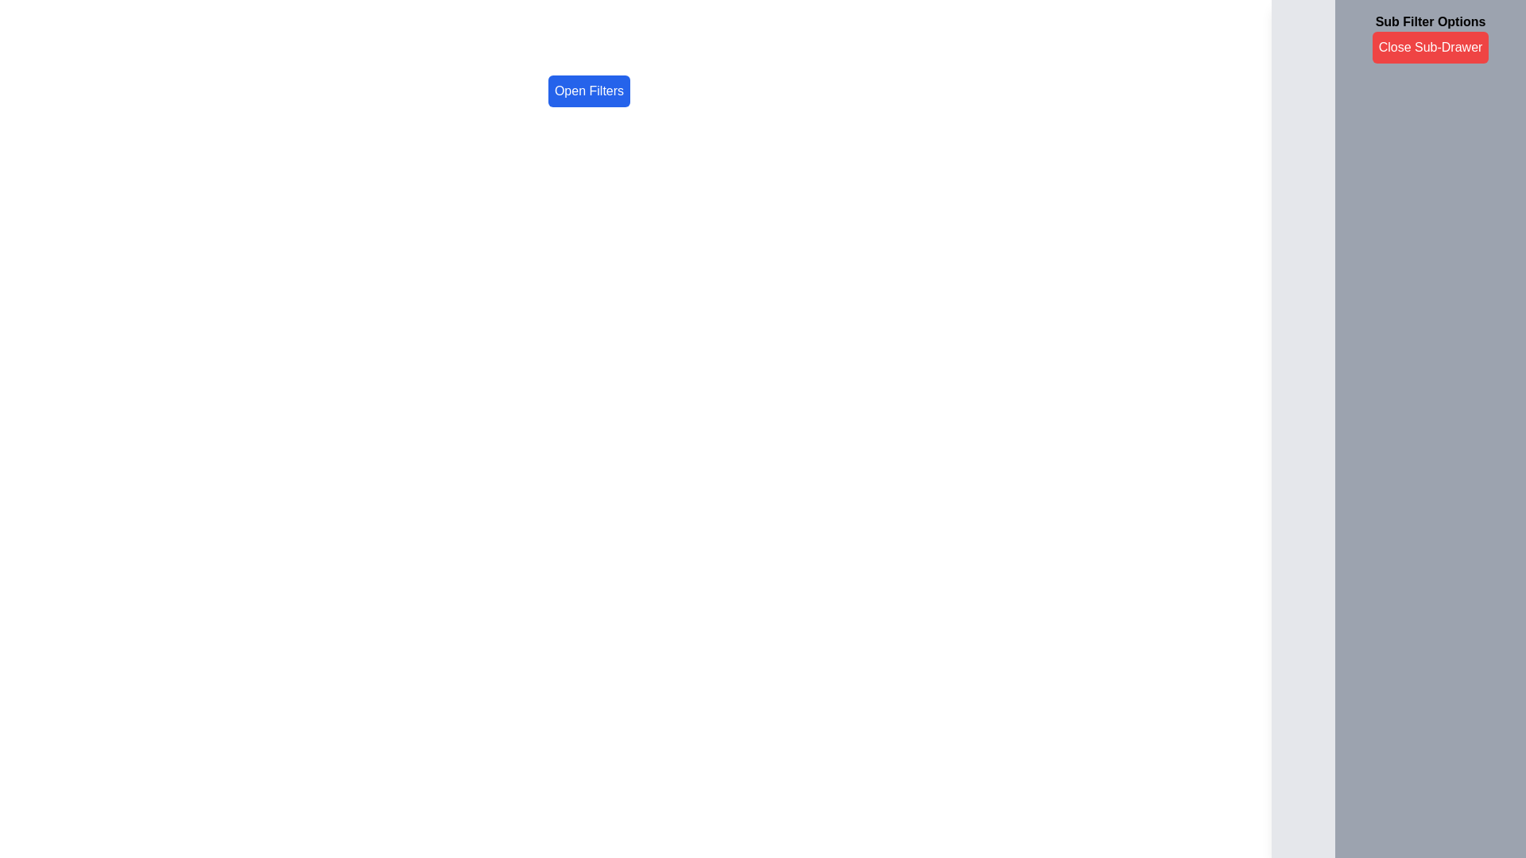 The height and width of the screenshot is (858, 1526). Describe the element at coordinates (1431, 47) in the screenshot. I see `the 'Close Sub-Drawer' button located in the right sidebar beneath the 'Sub Filter Options' header` at that location.